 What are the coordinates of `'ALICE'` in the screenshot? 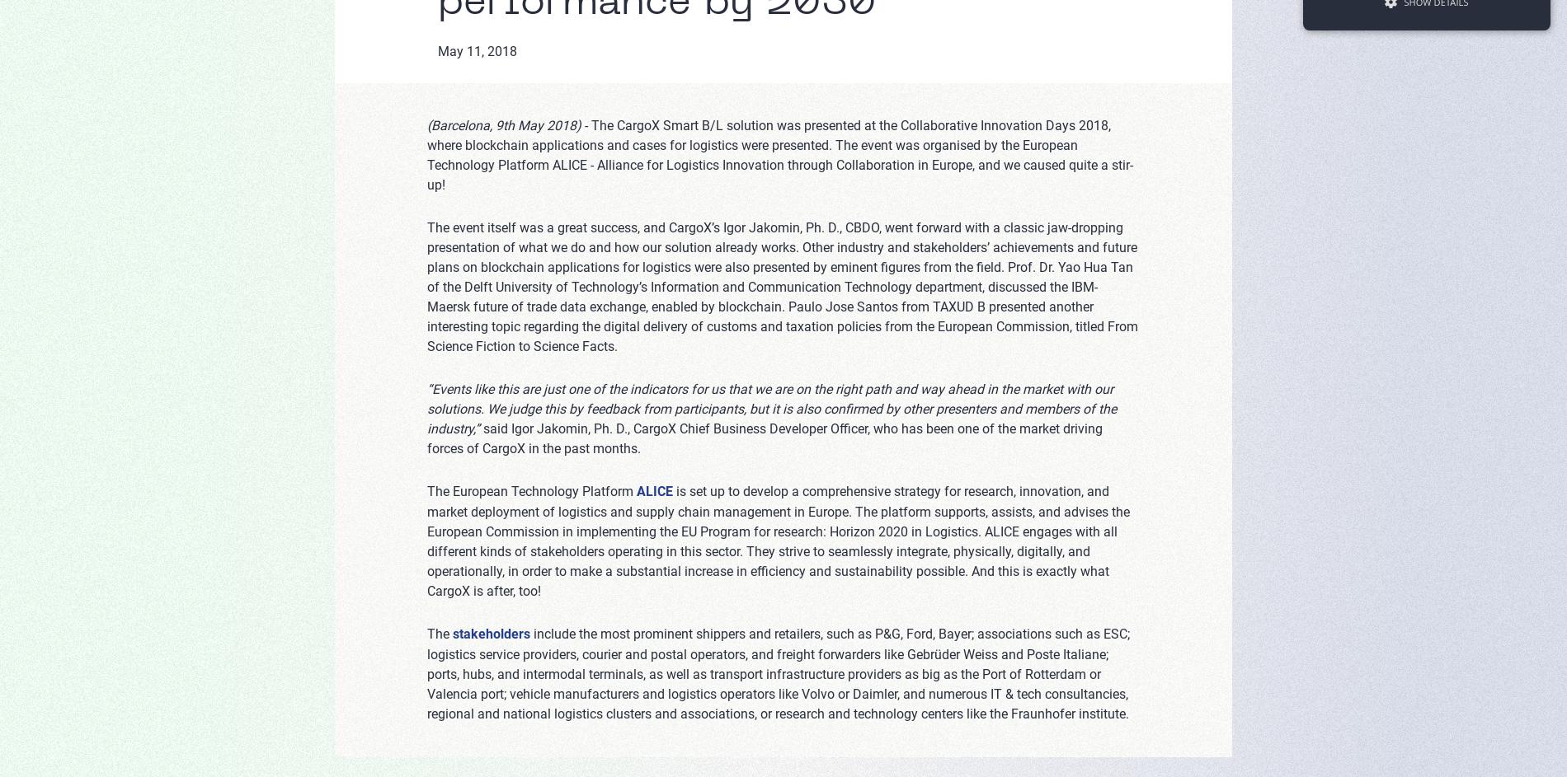 It's located at (654, 490).